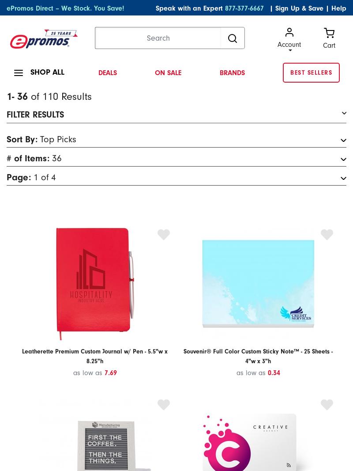  I want to click on '7.69', so click(104, 372).